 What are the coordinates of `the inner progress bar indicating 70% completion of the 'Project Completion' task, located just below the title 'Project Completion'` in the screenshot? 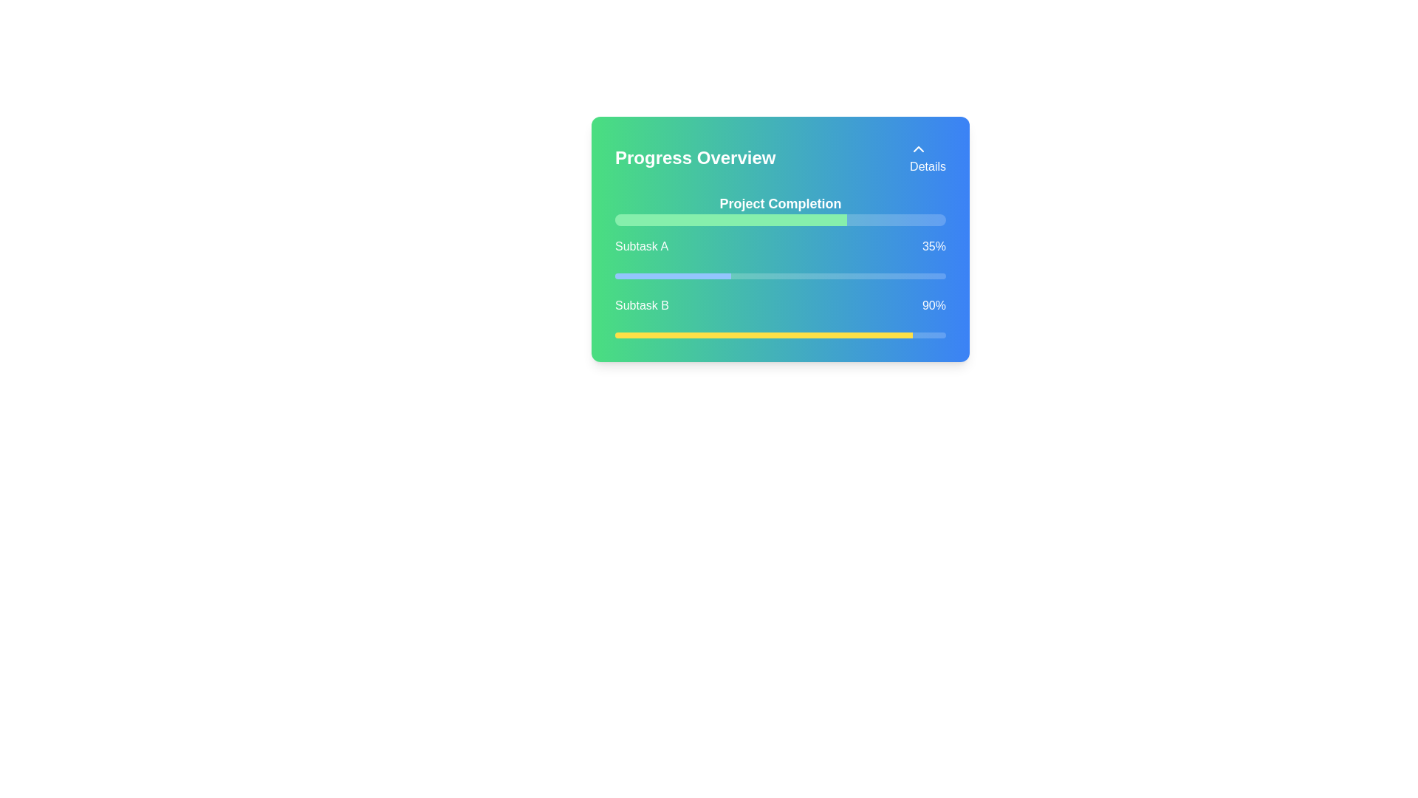 It's located at (730, 219).